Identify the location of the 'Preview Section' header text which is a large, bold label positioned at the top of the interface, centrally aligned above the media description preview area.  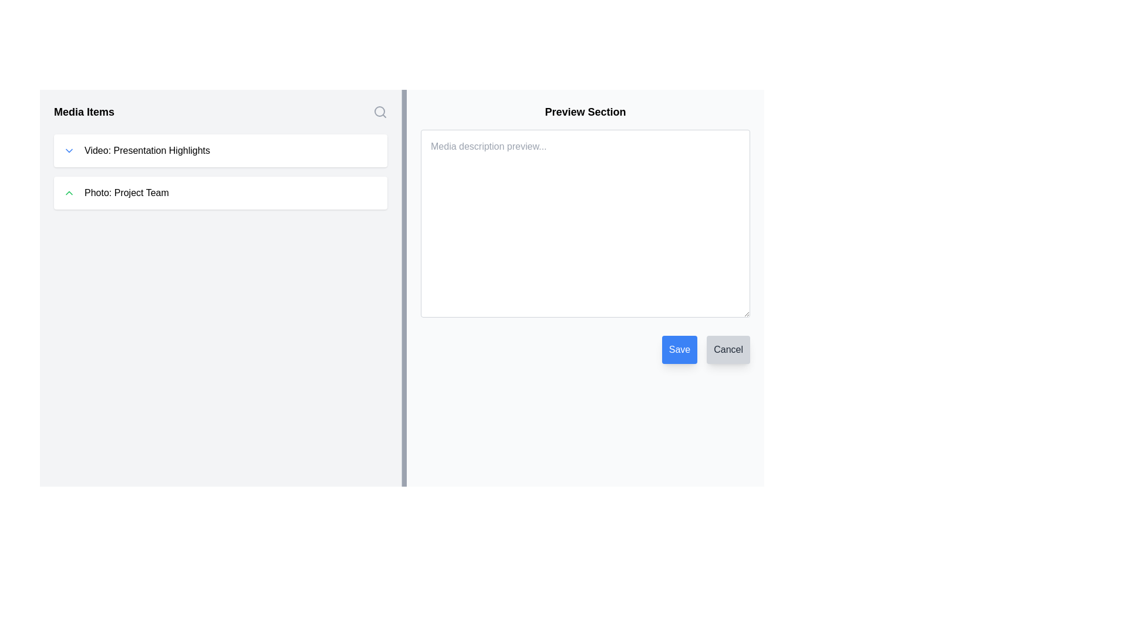
(585, 112).